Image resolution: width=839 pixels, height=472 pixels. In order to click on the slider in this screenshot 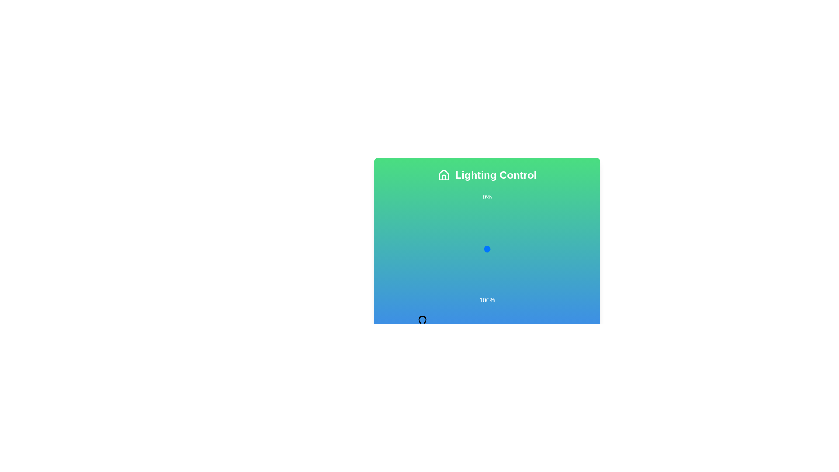, I will do `click(486, 247)`.